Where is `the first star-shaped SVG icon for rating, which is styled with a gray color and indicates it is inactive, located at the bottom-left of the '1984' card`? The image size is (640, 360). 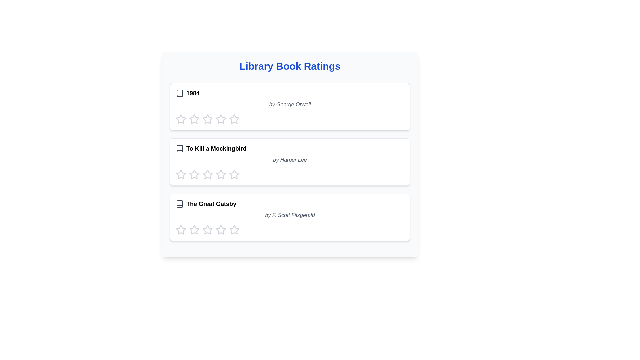
the first star-shaped SVG icon for rating, which is styled with a gray color and indicates it is inactive, located at the bottom-left of the '1984' card is located at coordinates (181, 119).